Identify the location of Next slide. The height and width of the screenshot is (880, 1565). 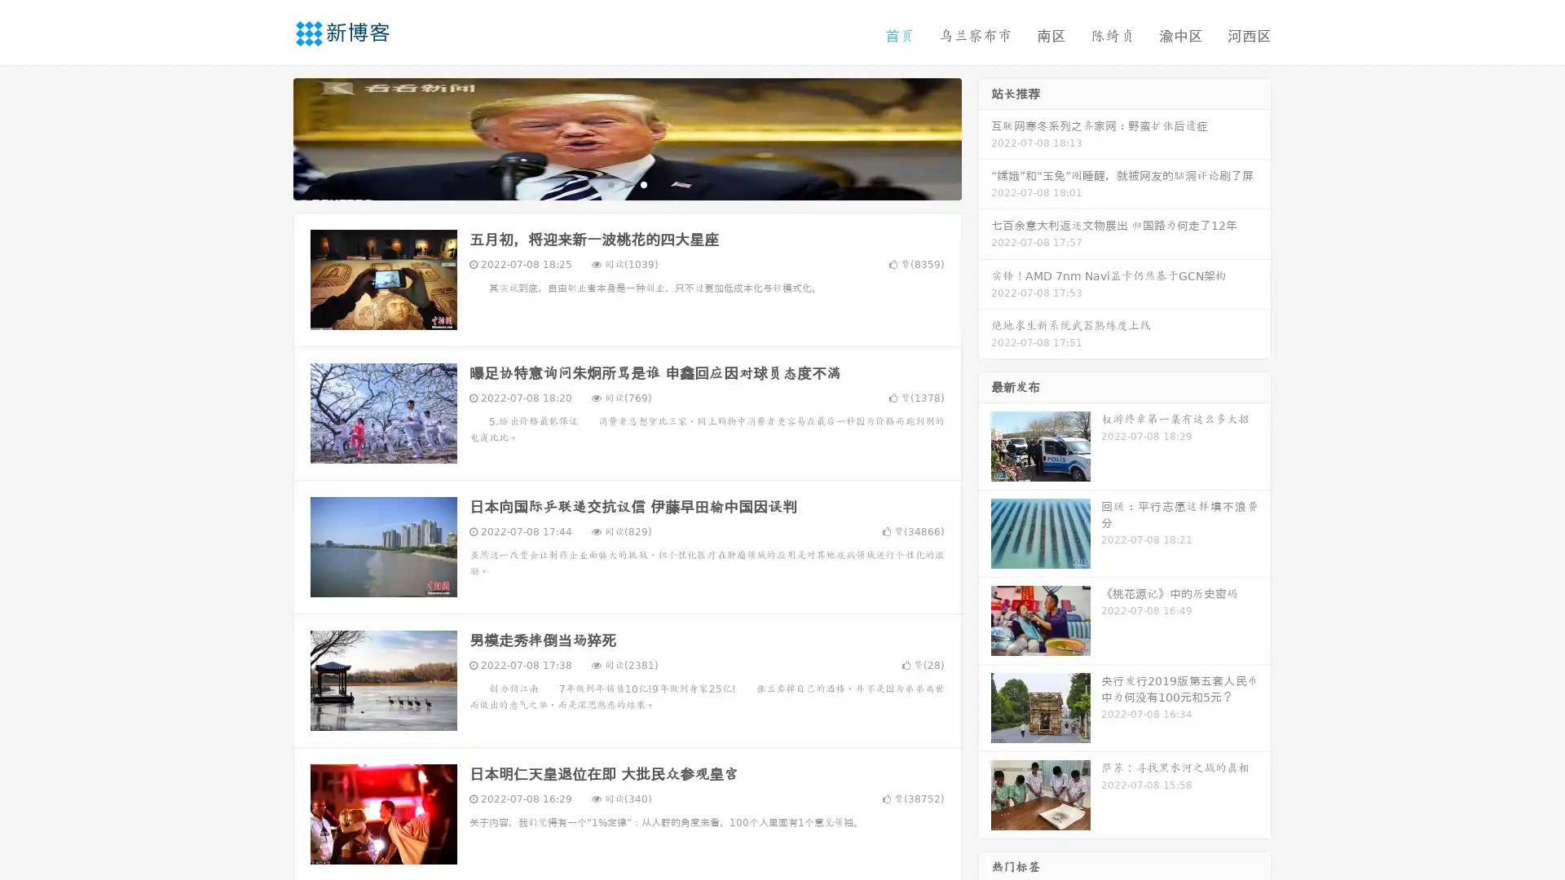
(985, 137).